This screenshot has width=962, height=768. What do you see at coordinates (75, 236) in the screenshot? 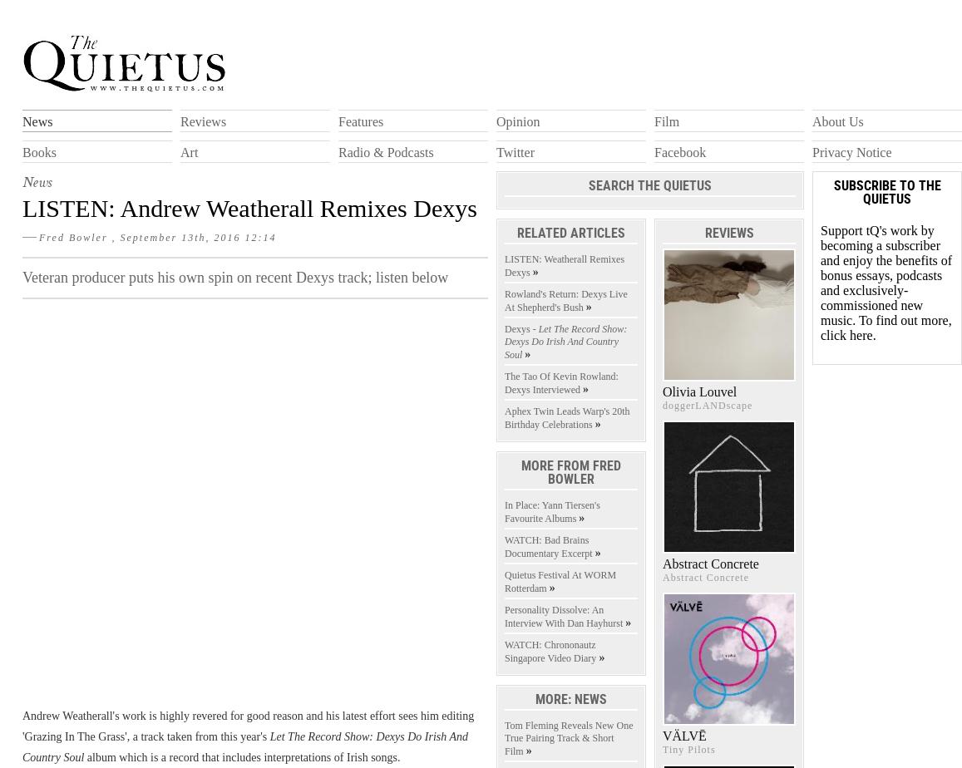
I see `'Fred Bowler'` at bounding box center [75, 236].